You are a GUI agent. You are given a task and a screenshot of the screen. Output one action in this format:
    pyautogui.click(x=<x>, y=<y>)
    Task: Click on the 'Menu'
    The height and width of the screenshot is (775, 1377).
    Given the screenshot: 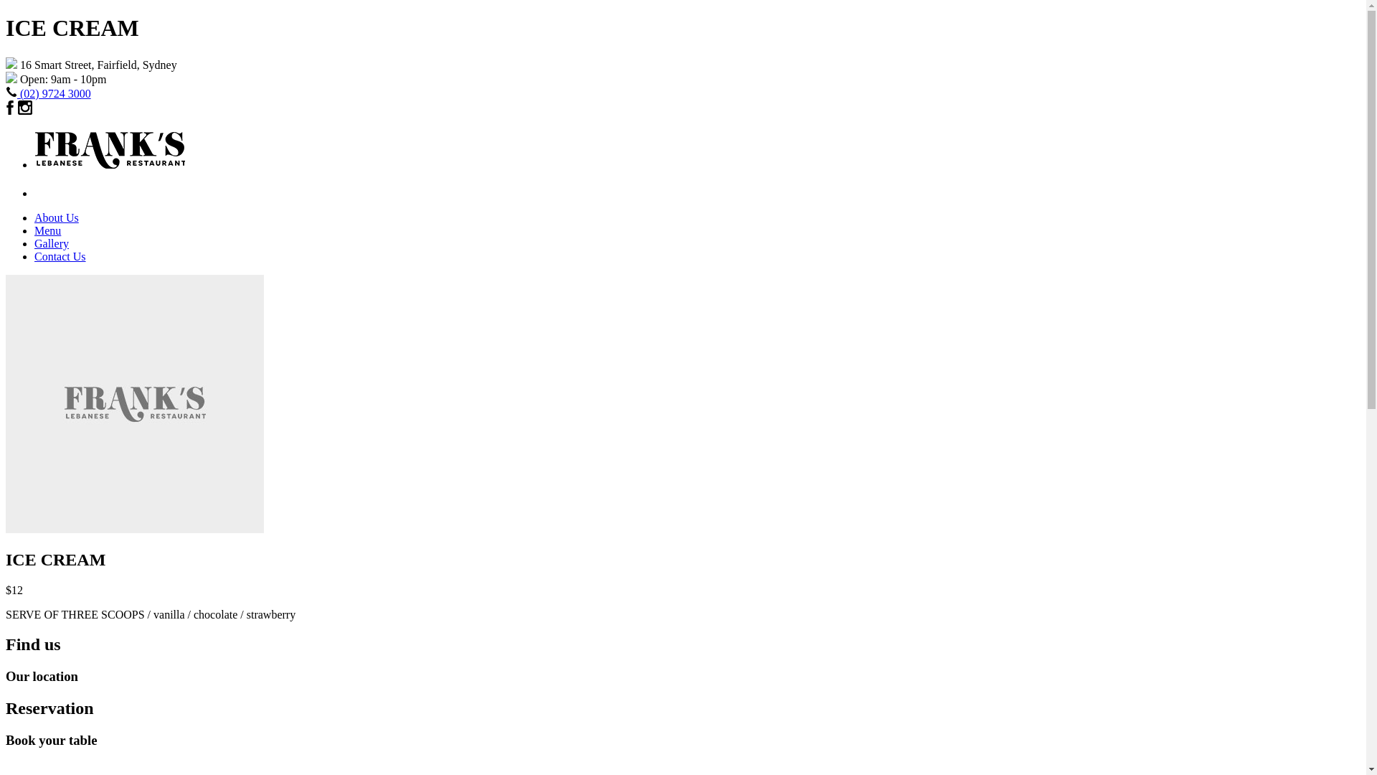 What is the action you would take?
    pyautogui.click(x=47, y=230)
    